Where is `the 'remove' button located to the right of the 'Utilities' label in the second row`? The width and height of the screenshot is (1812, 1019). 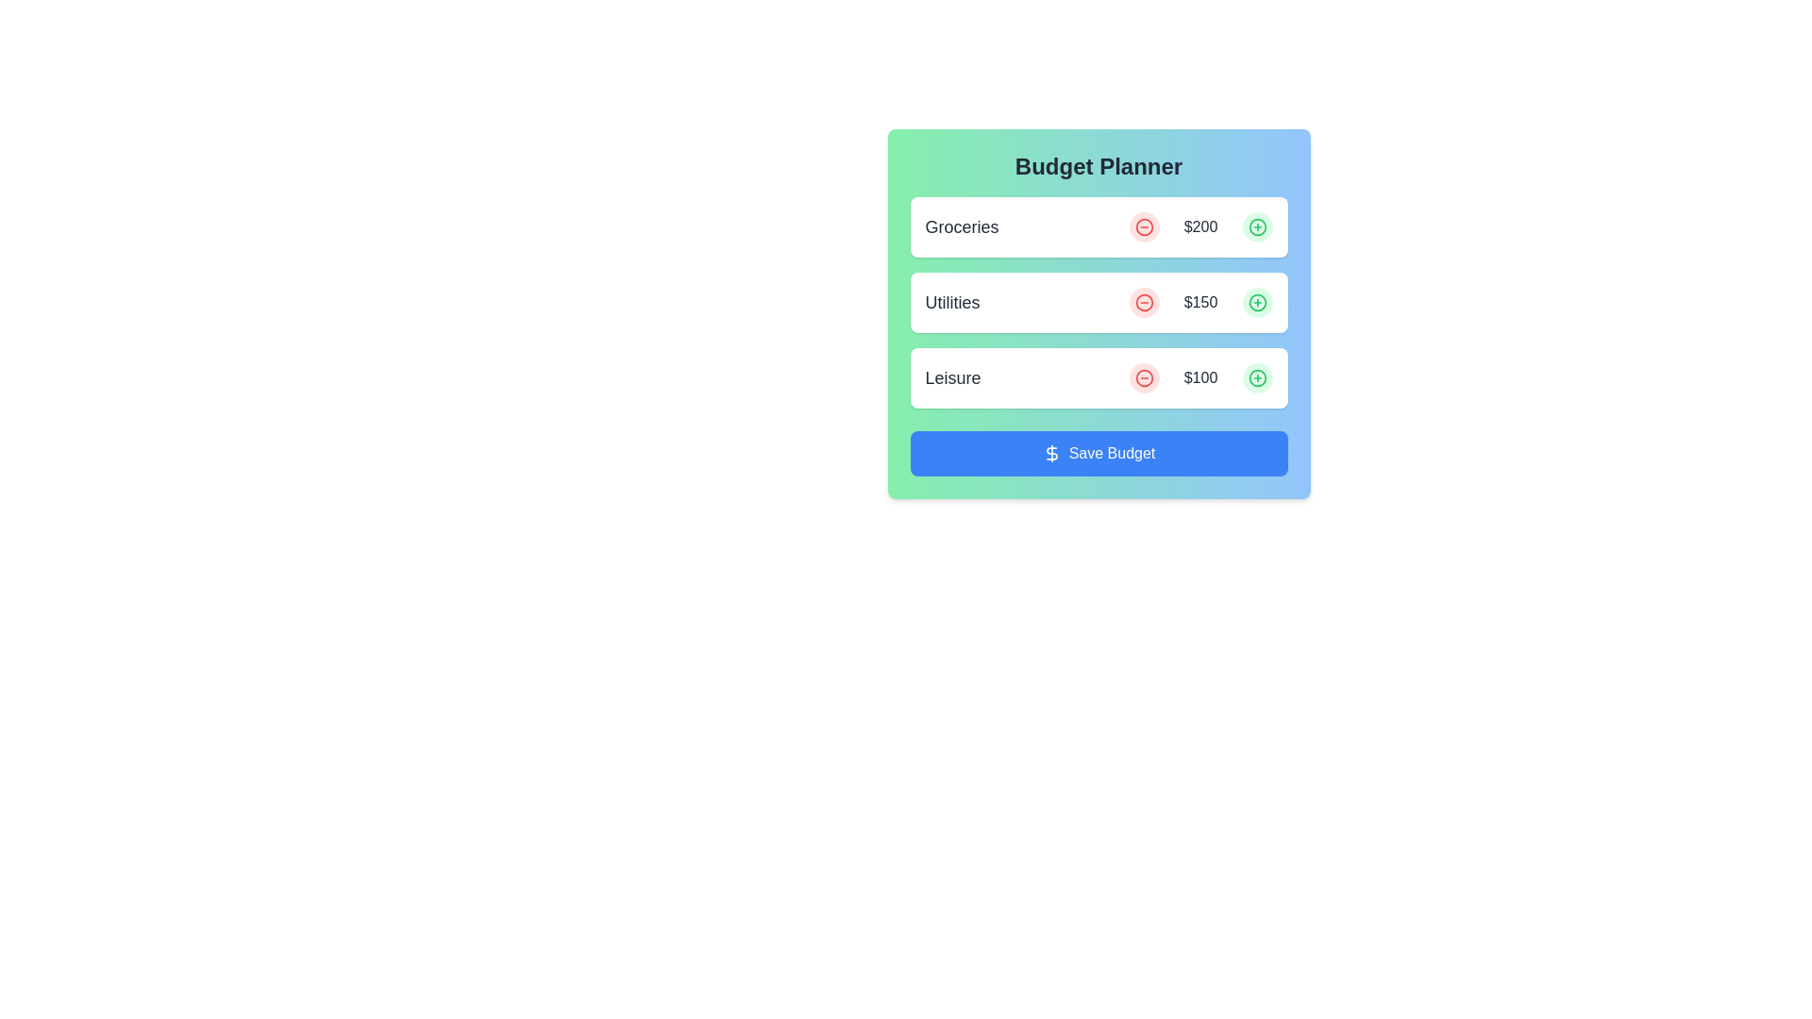
the 'remove' button located to the right of the 'Utilities' label in the second row is located at coordinates (1143, 301).